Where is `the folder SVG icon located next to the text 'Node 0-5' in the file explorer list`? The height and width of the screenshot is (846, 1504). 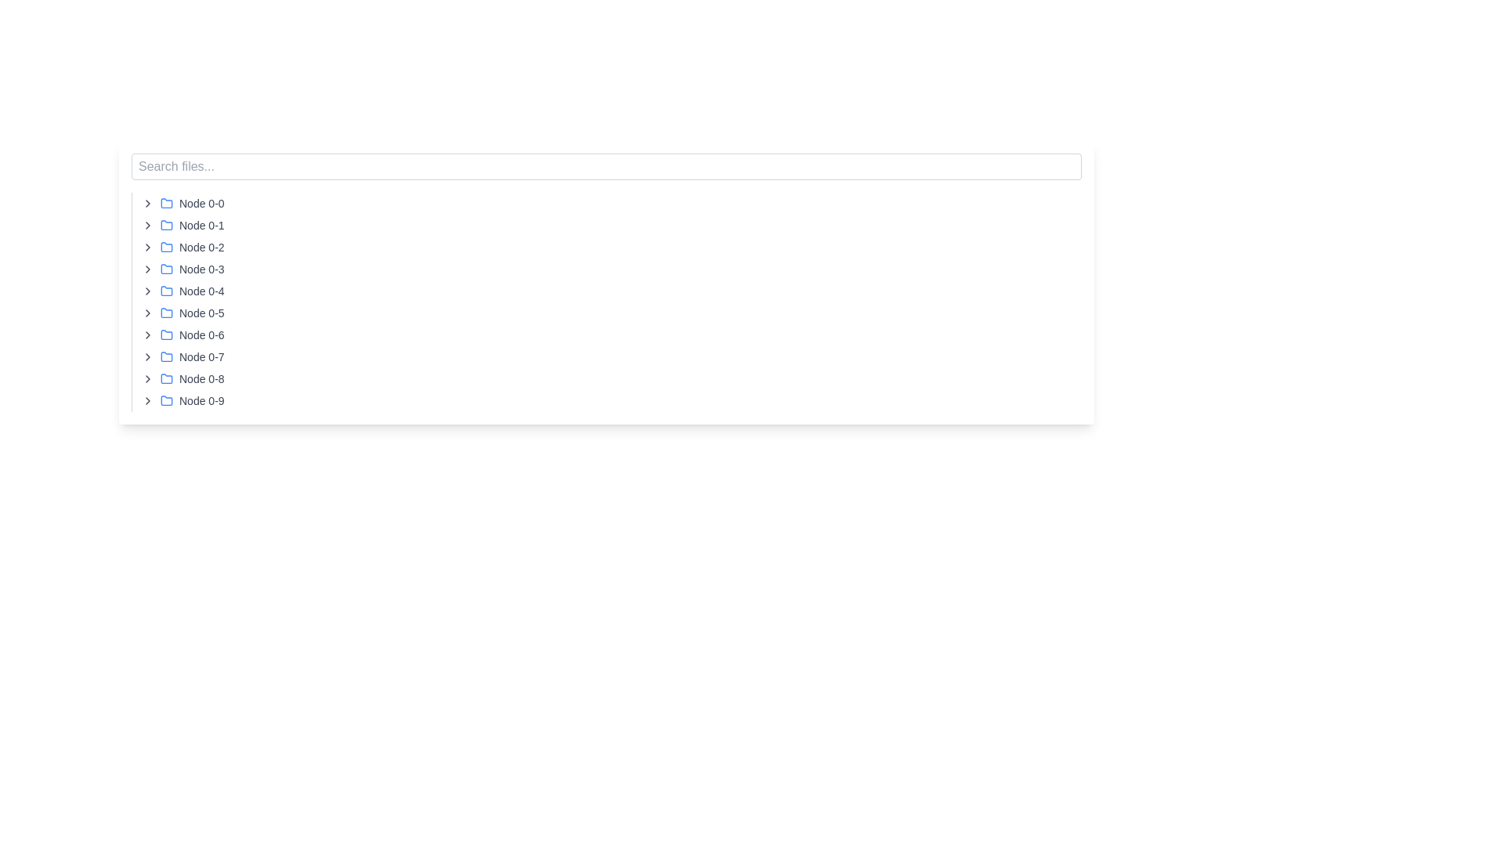 the folder SVG icon located next to the text 'Node 0-5' in the file explorer list is located at coordinates (166, 313).